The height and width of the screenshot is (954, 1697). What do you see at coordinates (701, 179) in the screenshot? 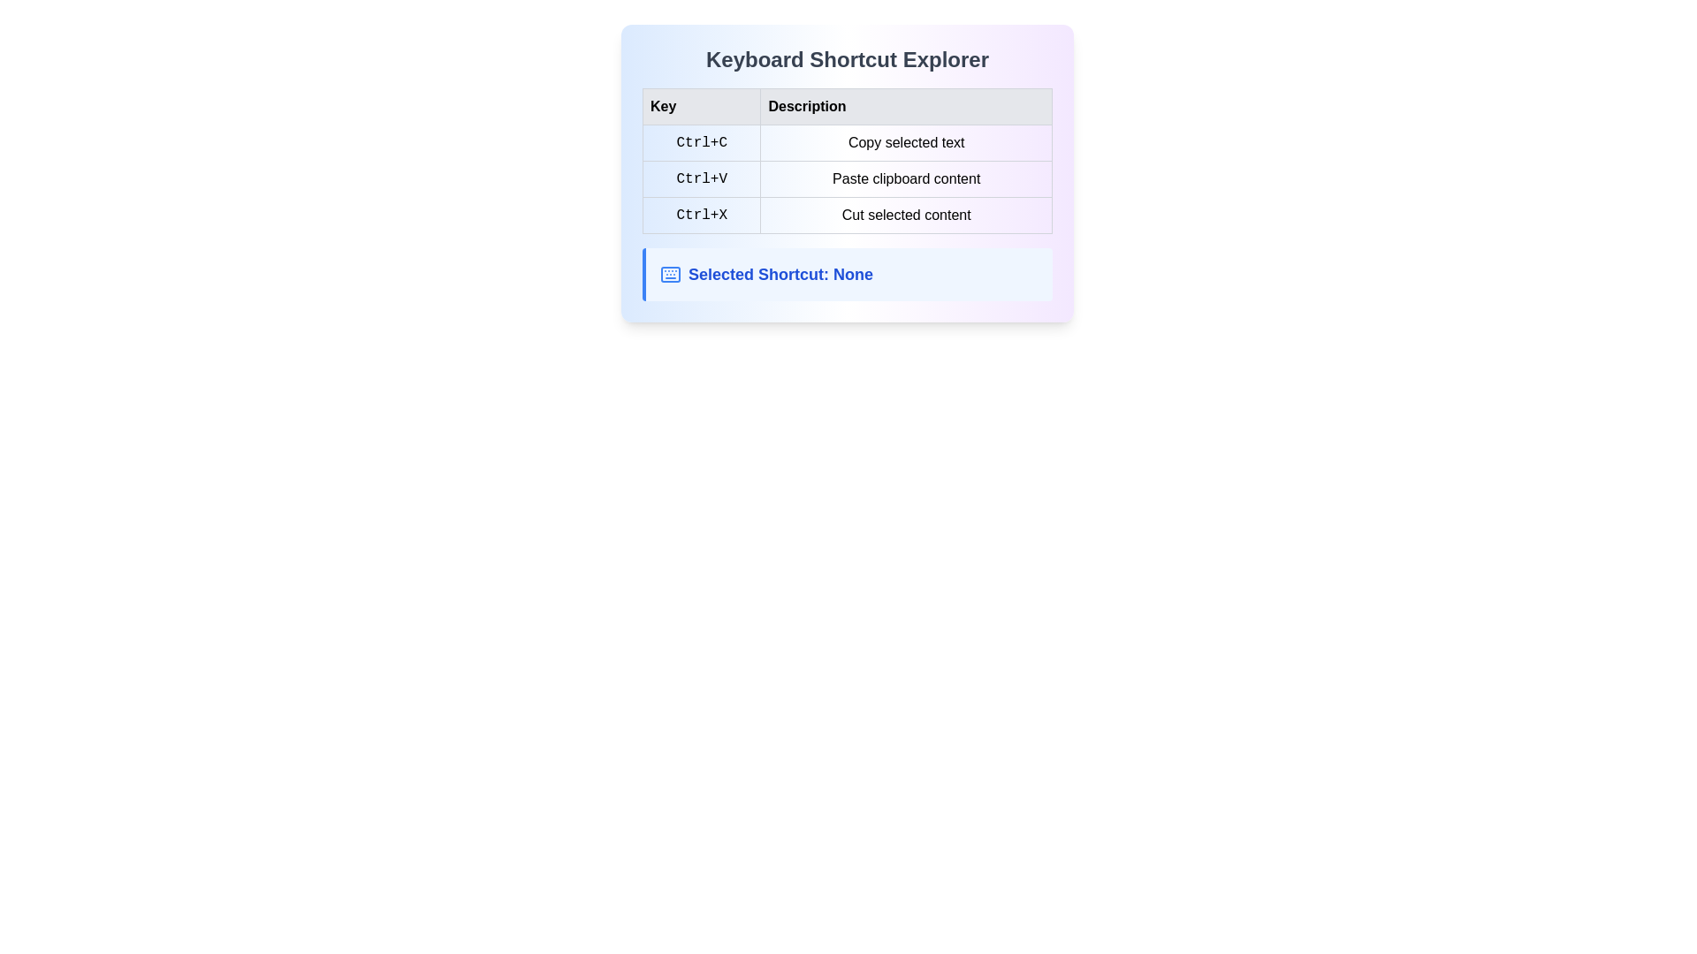
I see `the static text display in the second row of the table under the 'Key' column, which contains the text 'Ctrl+V'` at bounding box center [701, 179].